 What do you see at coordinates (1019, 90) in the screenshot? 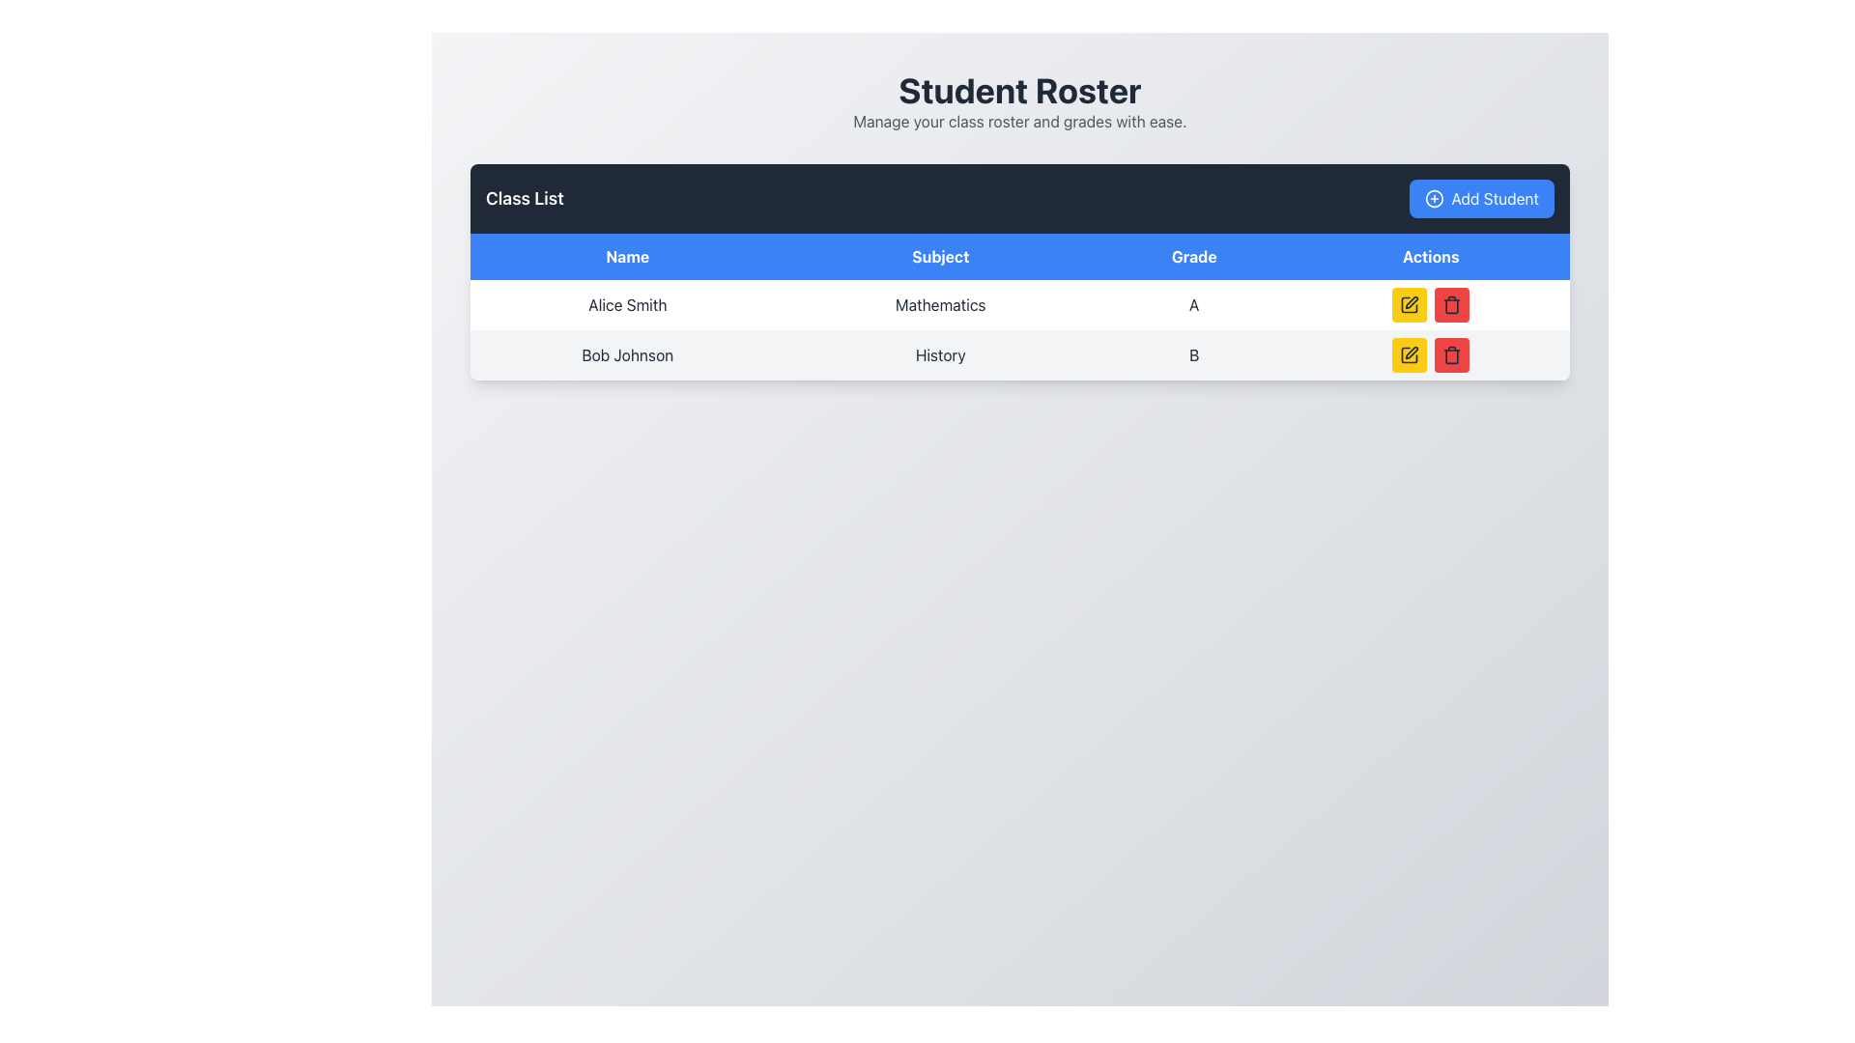
I see `the 'Student Roster' text label, which is a bold, large, dark gray title centered at the top of the interface` at bounding box center [1019, 90].